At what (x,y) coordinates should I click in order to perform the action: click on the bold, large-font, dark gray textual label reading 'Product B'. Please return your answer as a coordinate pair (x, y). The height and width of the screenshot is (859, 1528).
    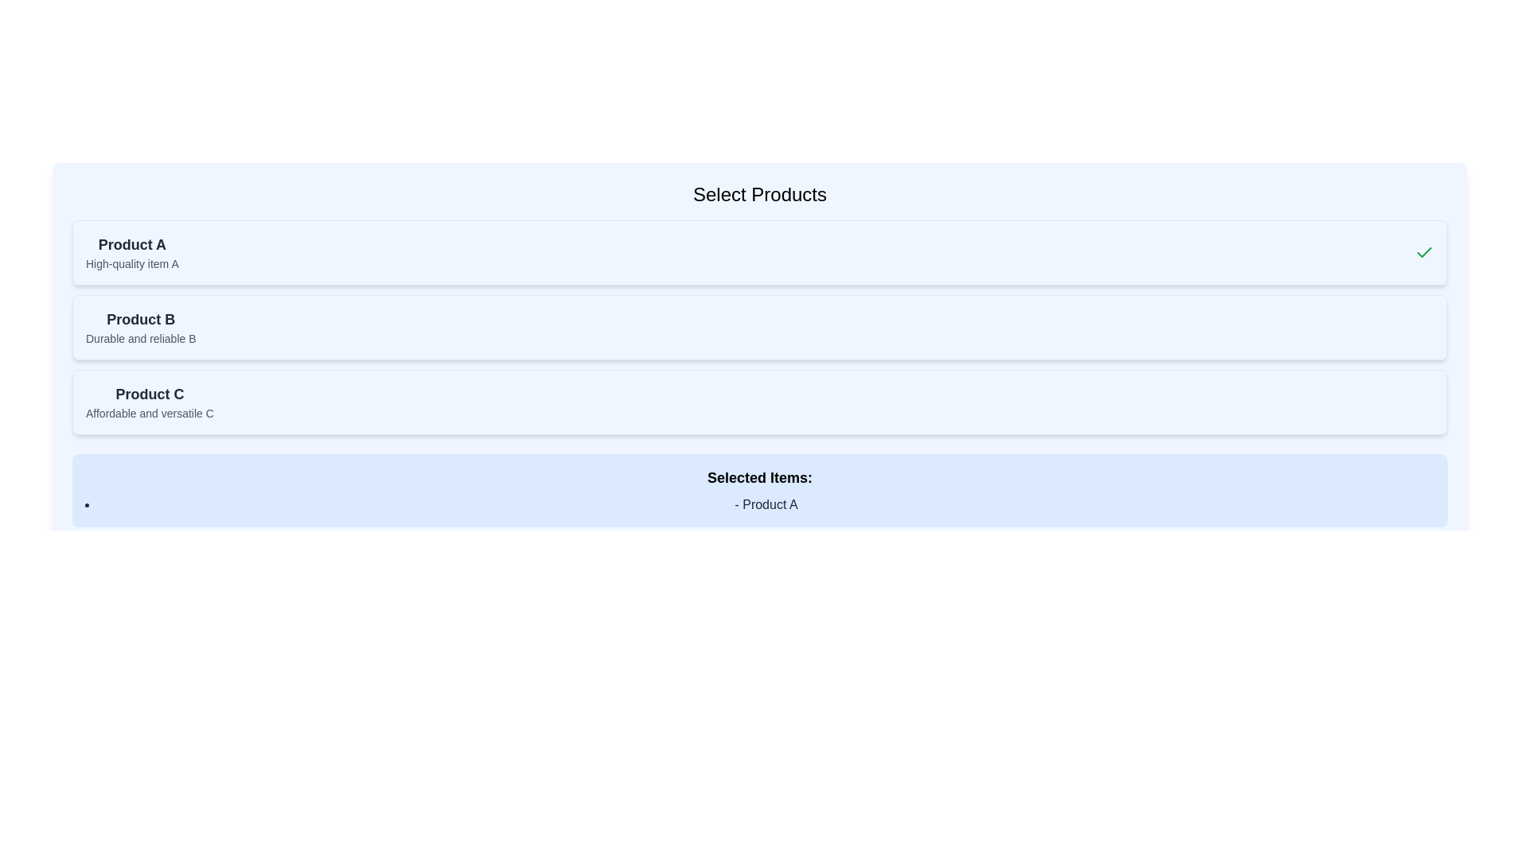
    Looking at the image, I should click on (141, 319).